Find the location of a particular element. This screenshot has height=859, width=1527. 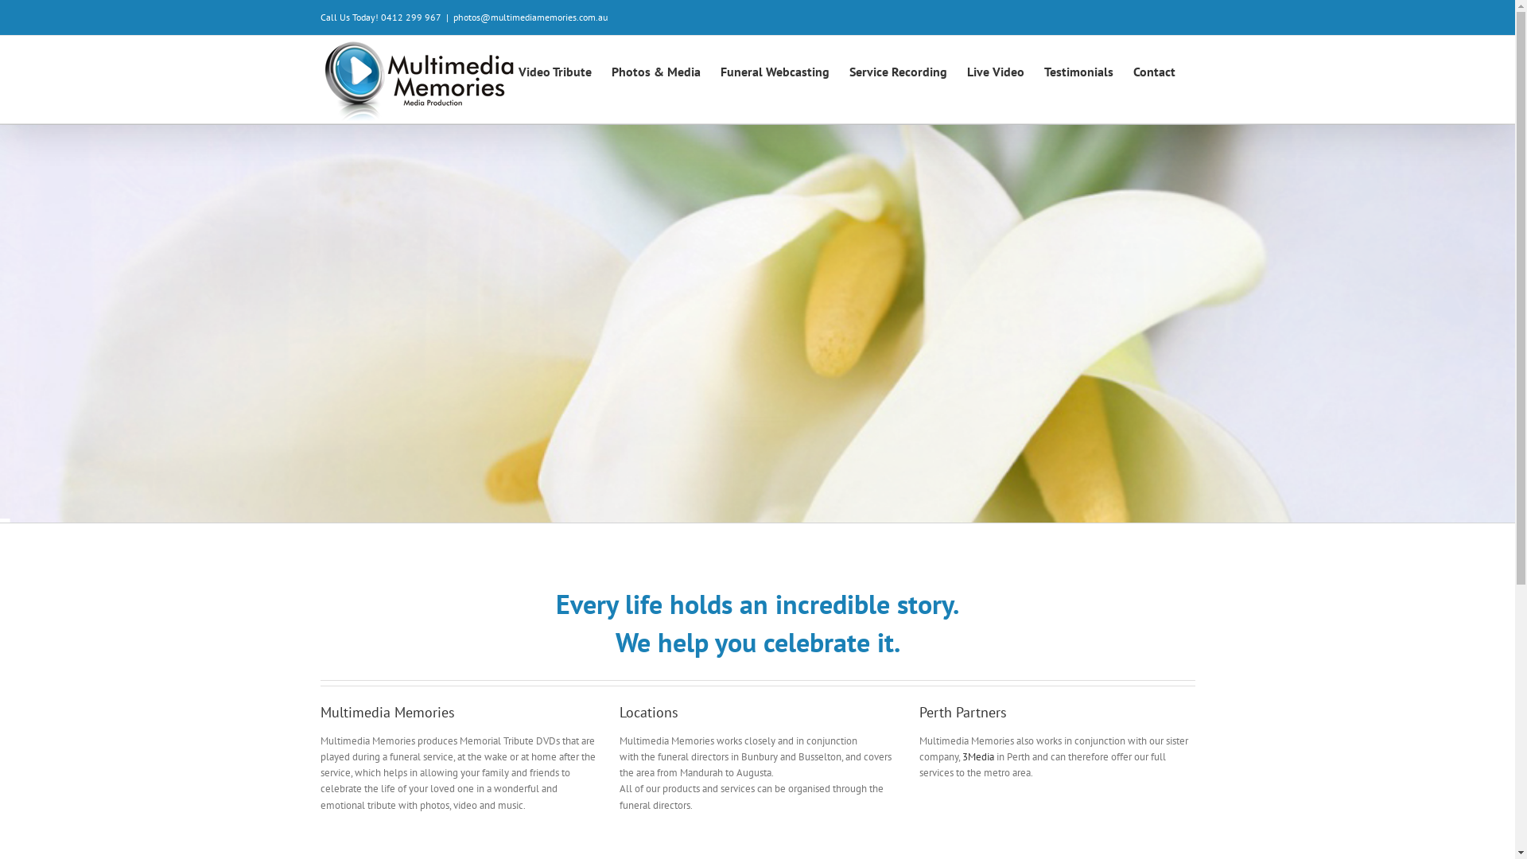

'Photos & Media' is located at coordinates (655, 69).